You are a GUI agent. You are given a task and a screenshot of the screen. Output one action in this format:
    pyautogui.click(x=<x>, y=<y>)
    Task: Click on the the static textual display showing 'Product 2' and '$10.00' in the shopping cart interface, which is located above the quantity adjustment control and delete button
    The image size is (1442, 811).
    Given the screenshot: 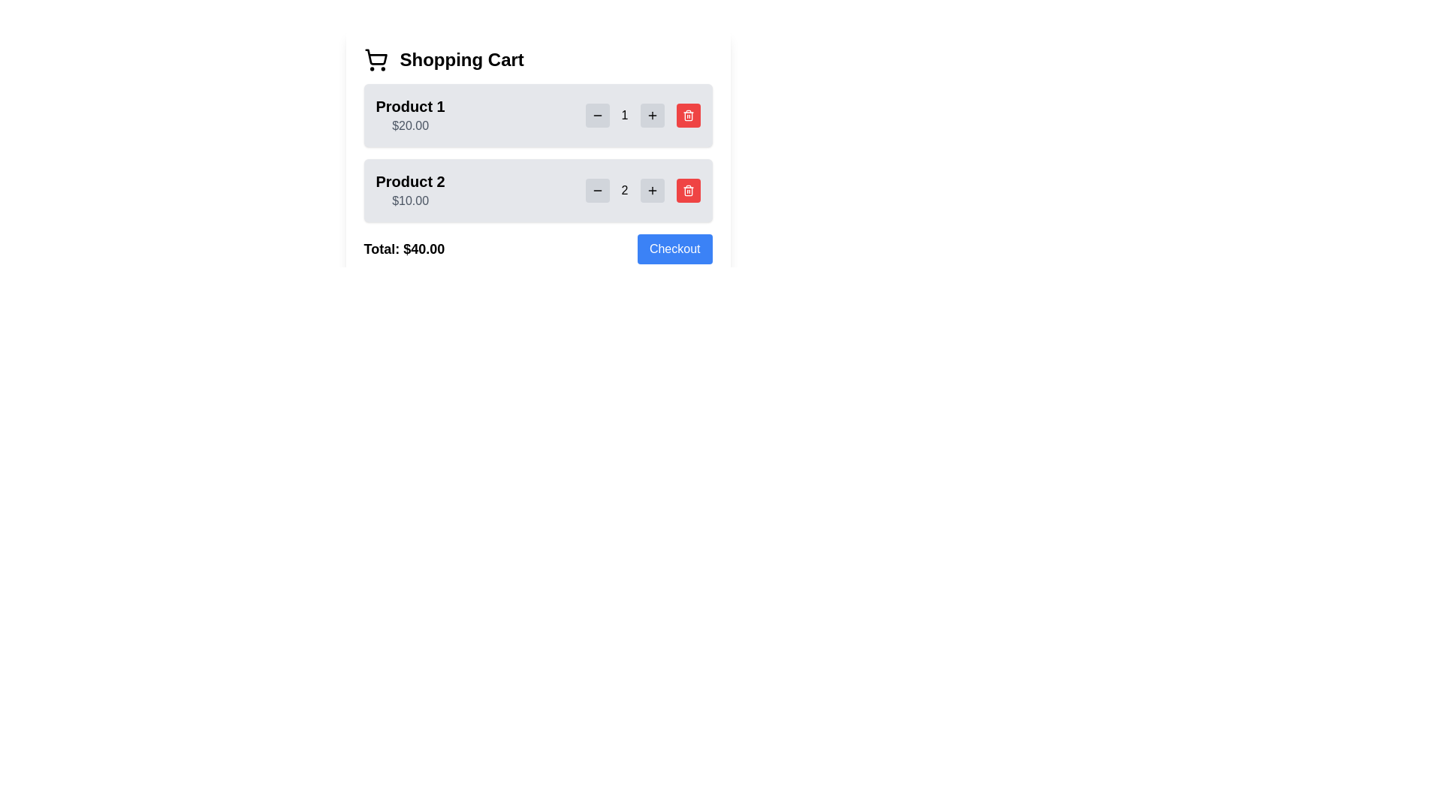 What is the action you would take?
    pyautogui.click(x=410, y=190)
    